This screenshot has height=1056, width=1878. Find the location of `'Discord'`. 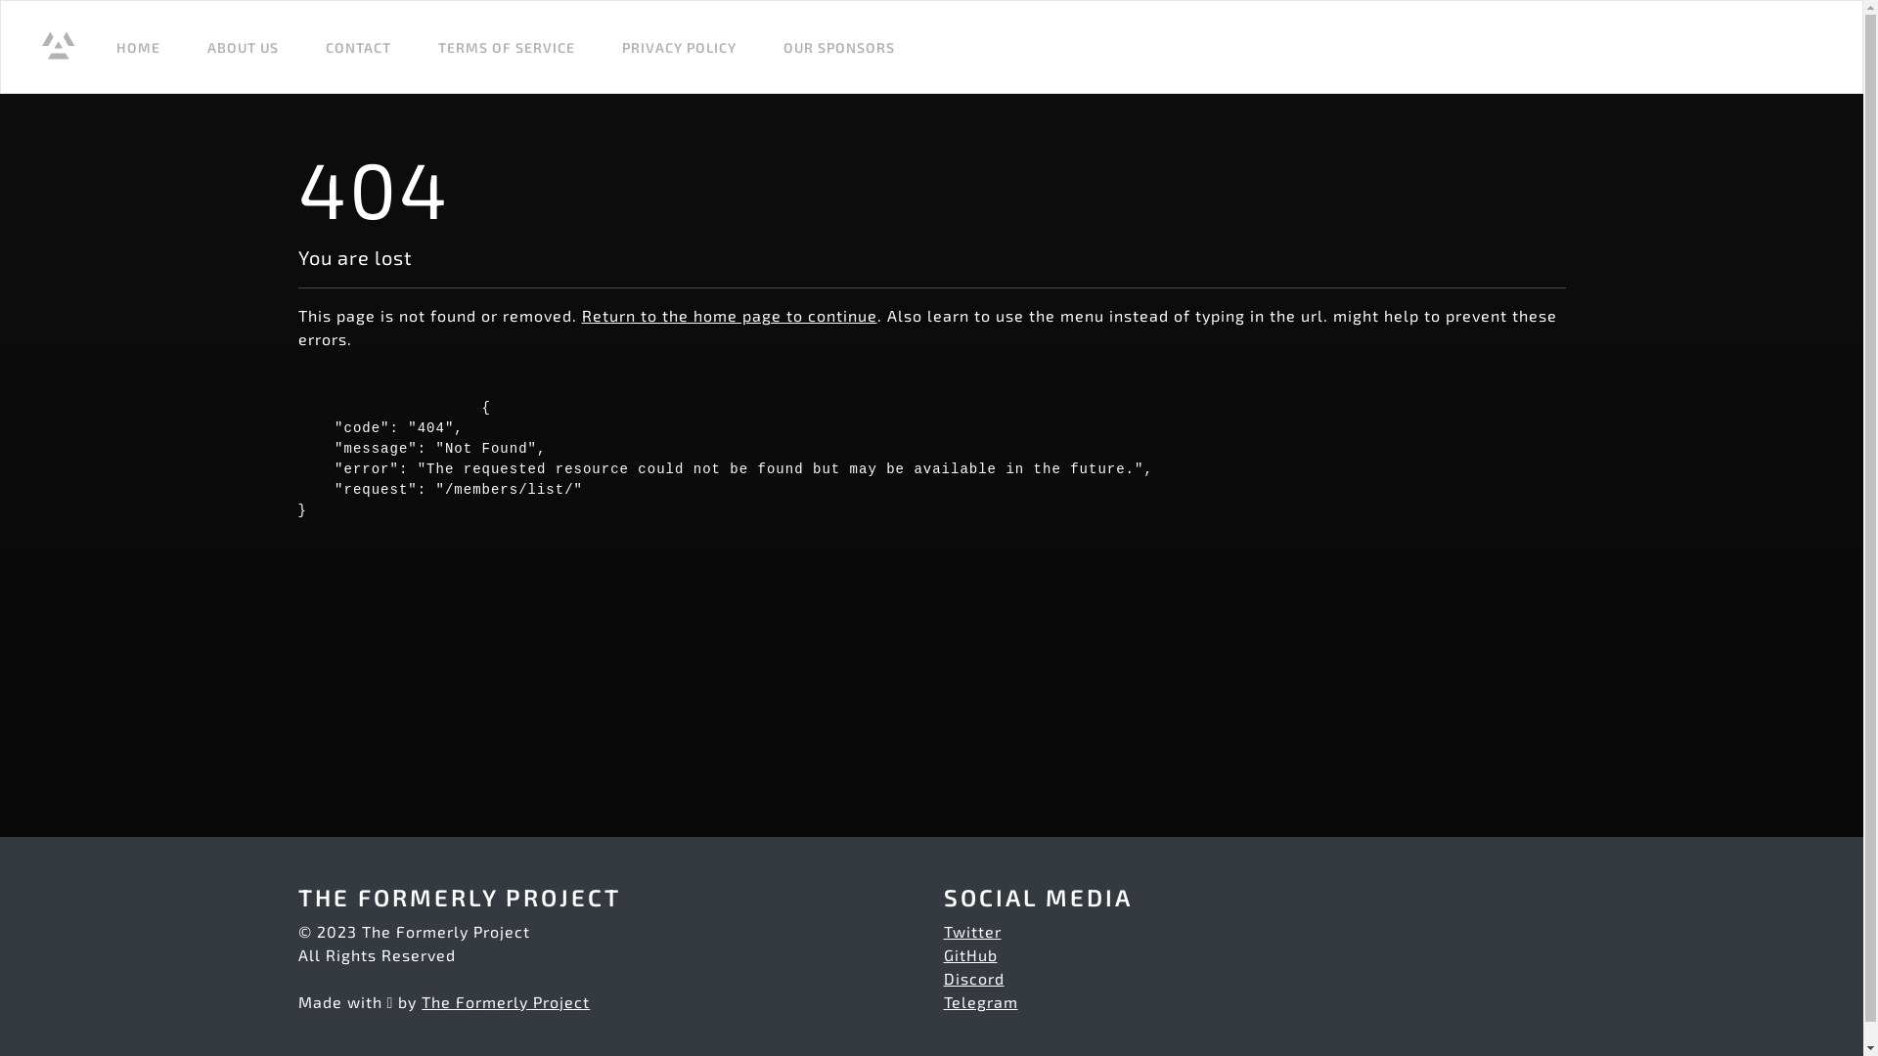

'Discord' is located at coordinates (972, 978).